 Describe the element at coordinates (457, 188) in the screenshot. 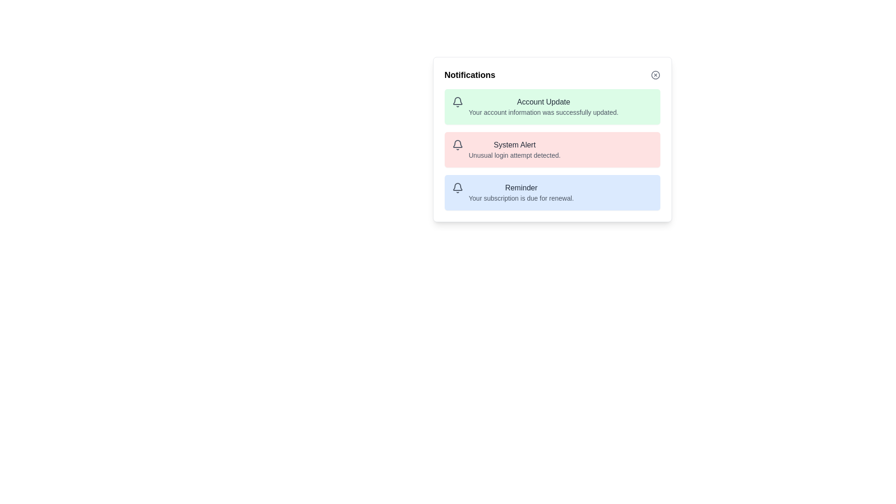

I see `the notification icon located at the top-left corner of a blue-shaded notification box, adjacent to the text 'Reminder' and 'Your subscription is due for renewal.'` at that location.